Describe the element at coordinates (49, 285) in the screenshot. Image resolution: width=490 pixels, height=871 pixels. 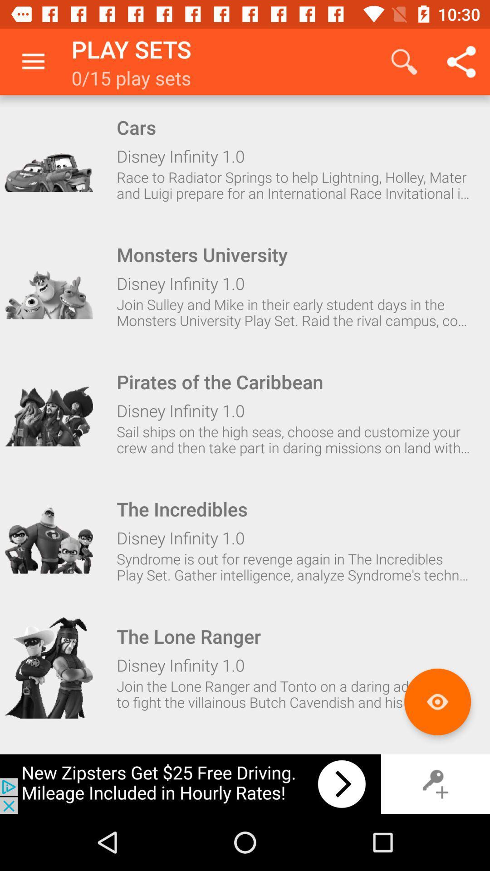
I see `this item` at that location.